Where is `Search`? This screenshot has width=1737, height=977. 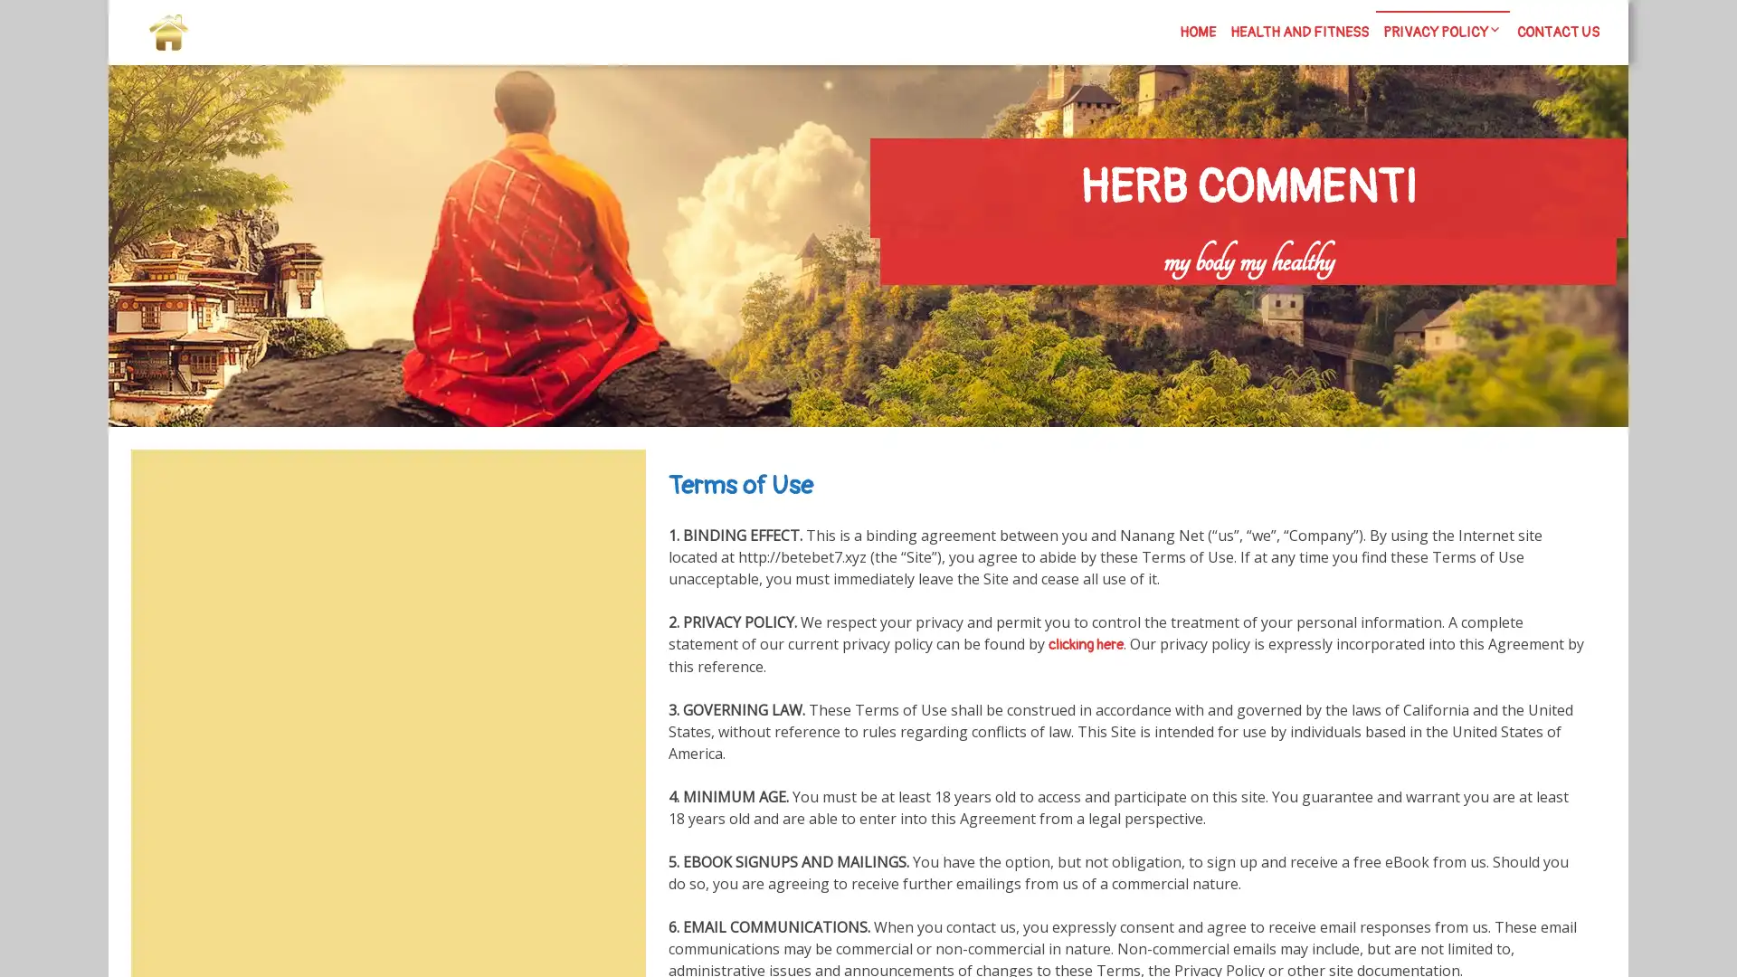
Search is located at coordinates (603, 493).